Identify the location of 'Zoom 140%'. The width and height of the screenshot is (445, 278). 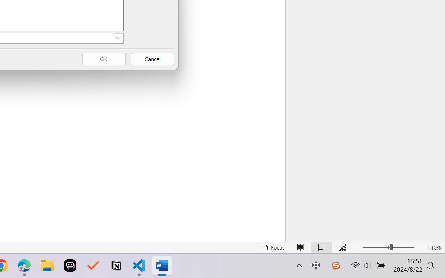
(434, 247).